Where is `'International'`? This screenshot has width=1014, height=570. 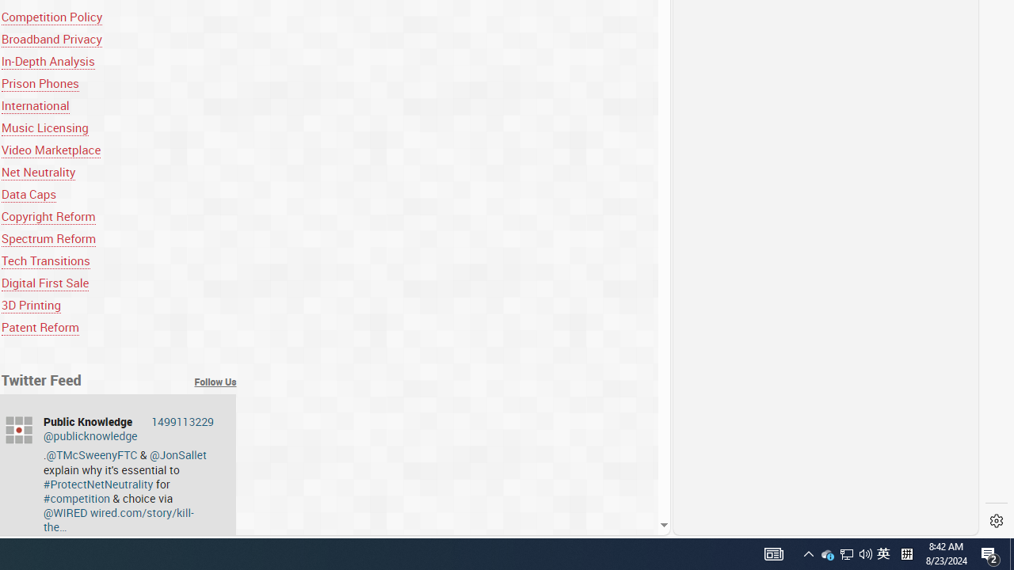
'International' is located at coordinates (35, 105).